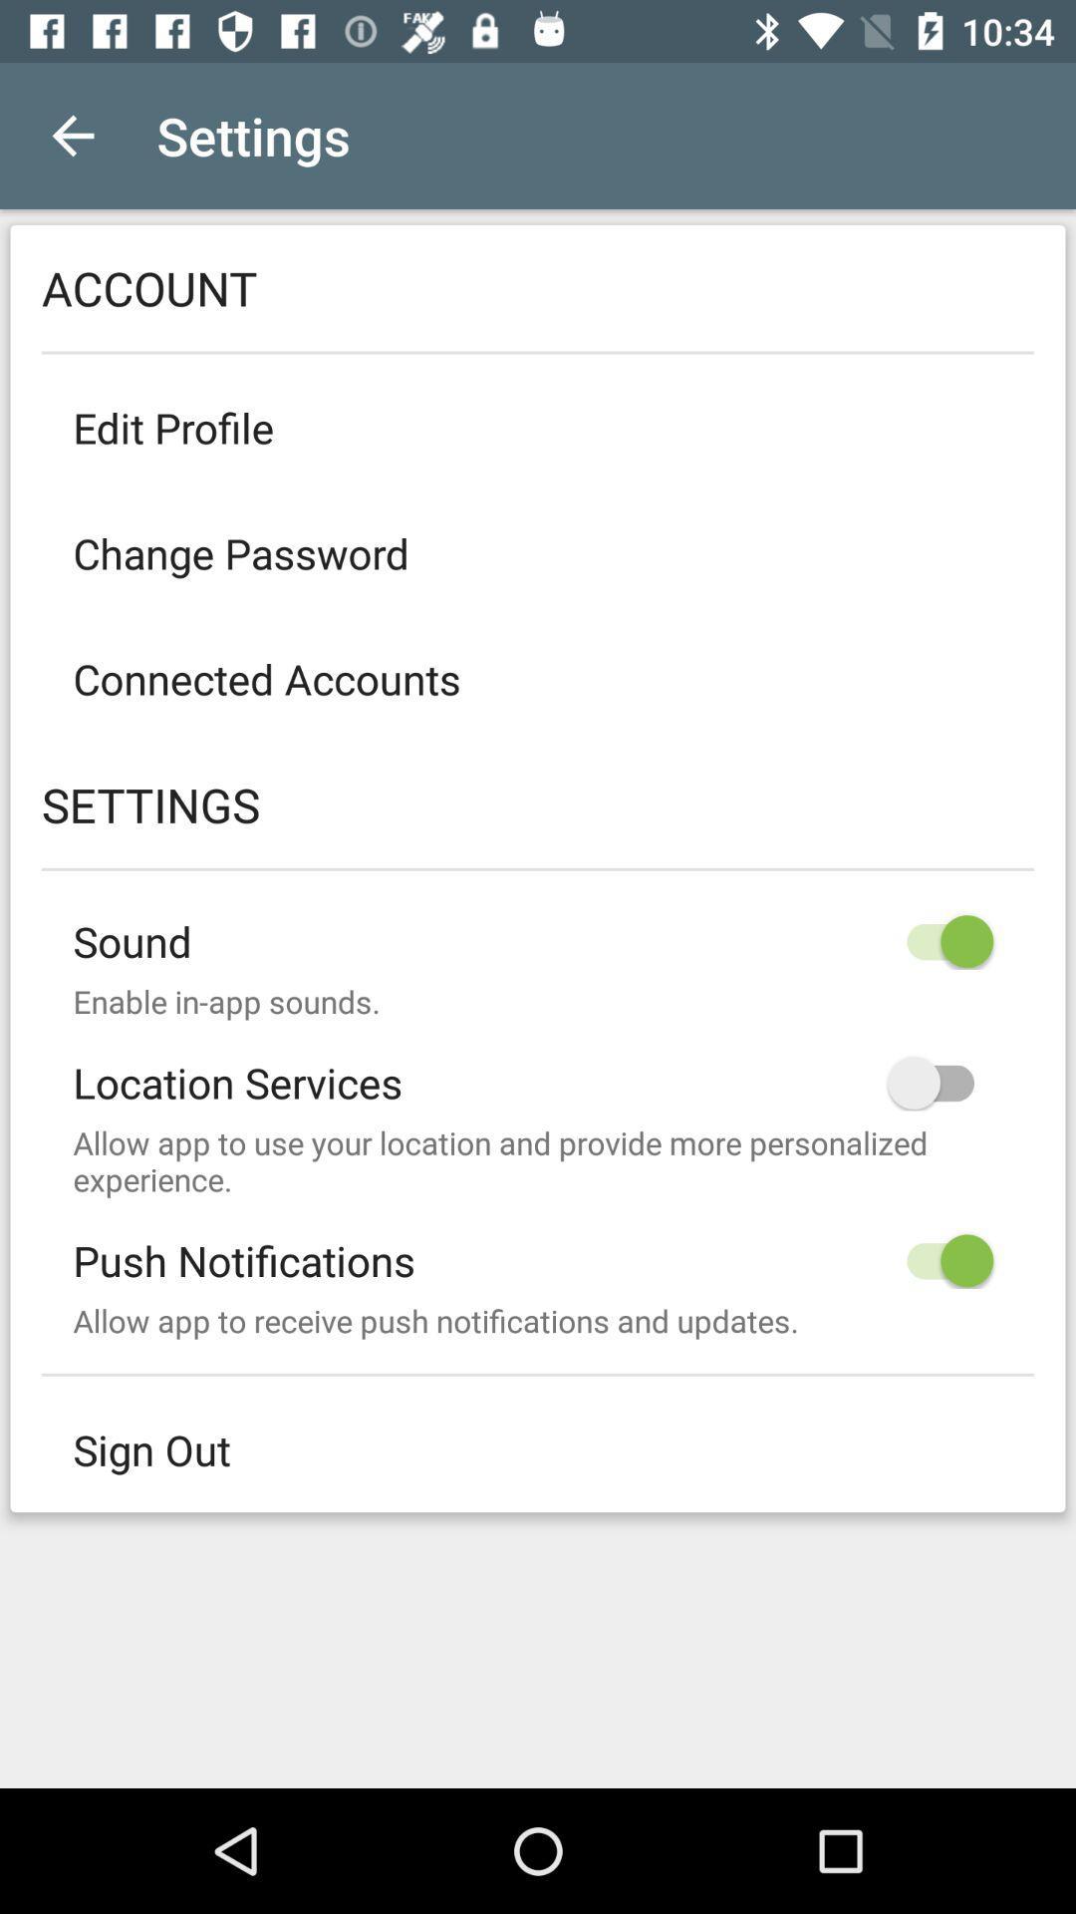 This screenshot has height=1914, width=1076. I want to click on item above the account, so click(72, 135).